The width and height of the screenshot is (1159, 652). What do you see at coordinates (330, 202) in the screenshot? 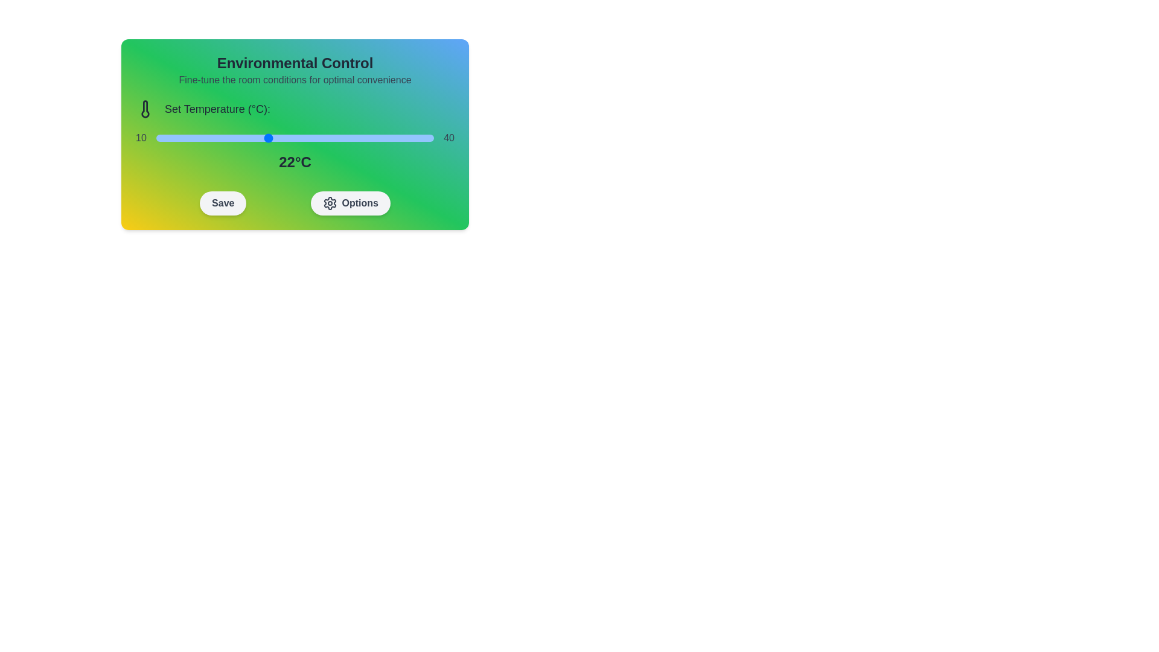
I see `the gear icon within the 'Options' button` at bounding box center [330, 202].